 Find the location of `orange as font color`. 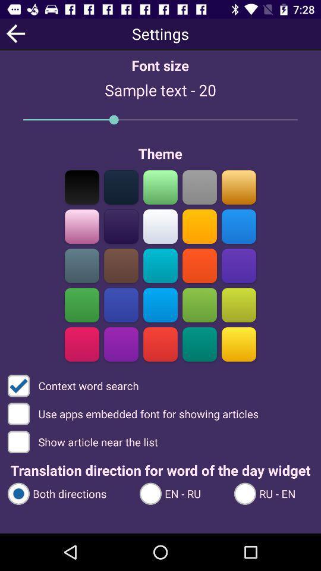

orange as font color is located at coordinates (199, 265).